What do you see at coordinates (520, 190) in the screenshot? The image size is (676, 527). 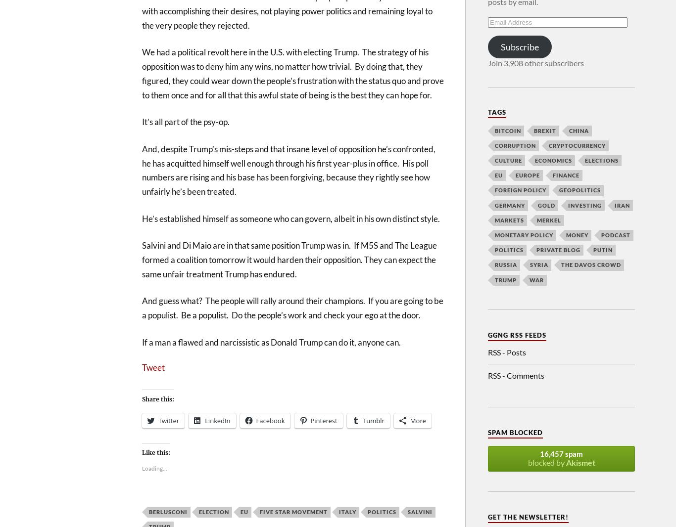 I see `'Foreign Policy'` at bounding box center [520, 190].